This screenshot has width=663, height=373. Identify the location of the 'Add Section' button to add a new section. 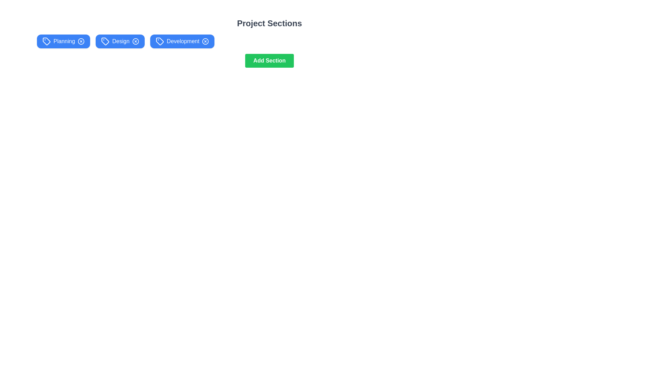
(269, 60).